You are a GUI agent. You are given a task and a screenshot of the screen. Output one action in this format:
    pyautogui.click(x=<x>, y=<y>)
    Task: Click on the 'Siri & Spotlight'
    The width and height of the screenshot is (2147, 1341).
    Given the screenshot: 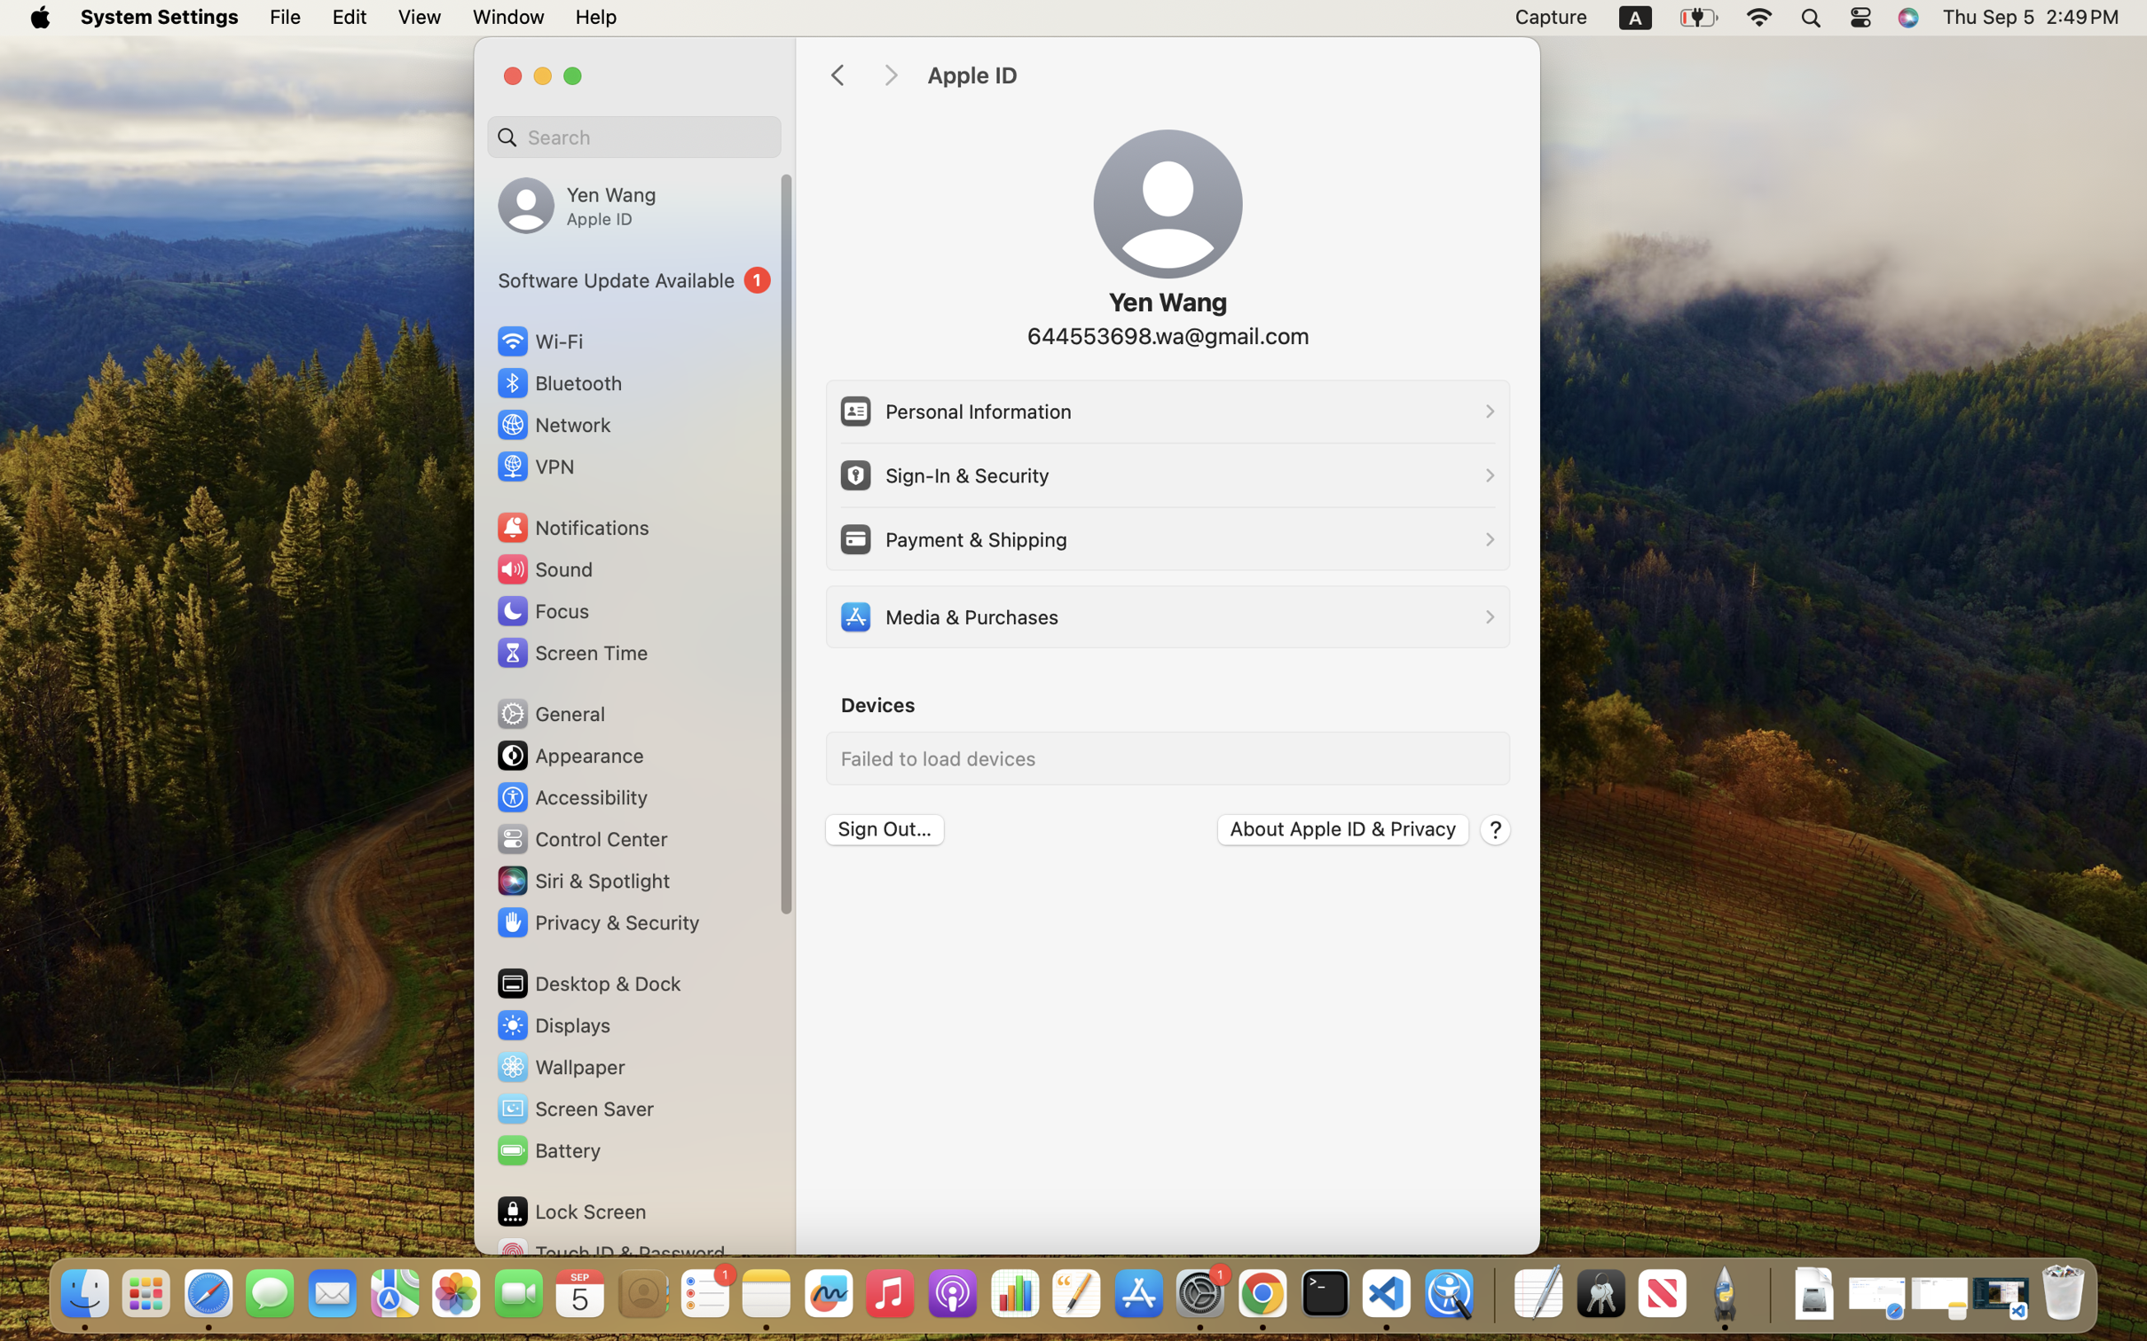 What is the action you would take?
    pyautogui.click(x=581, y=880)
    